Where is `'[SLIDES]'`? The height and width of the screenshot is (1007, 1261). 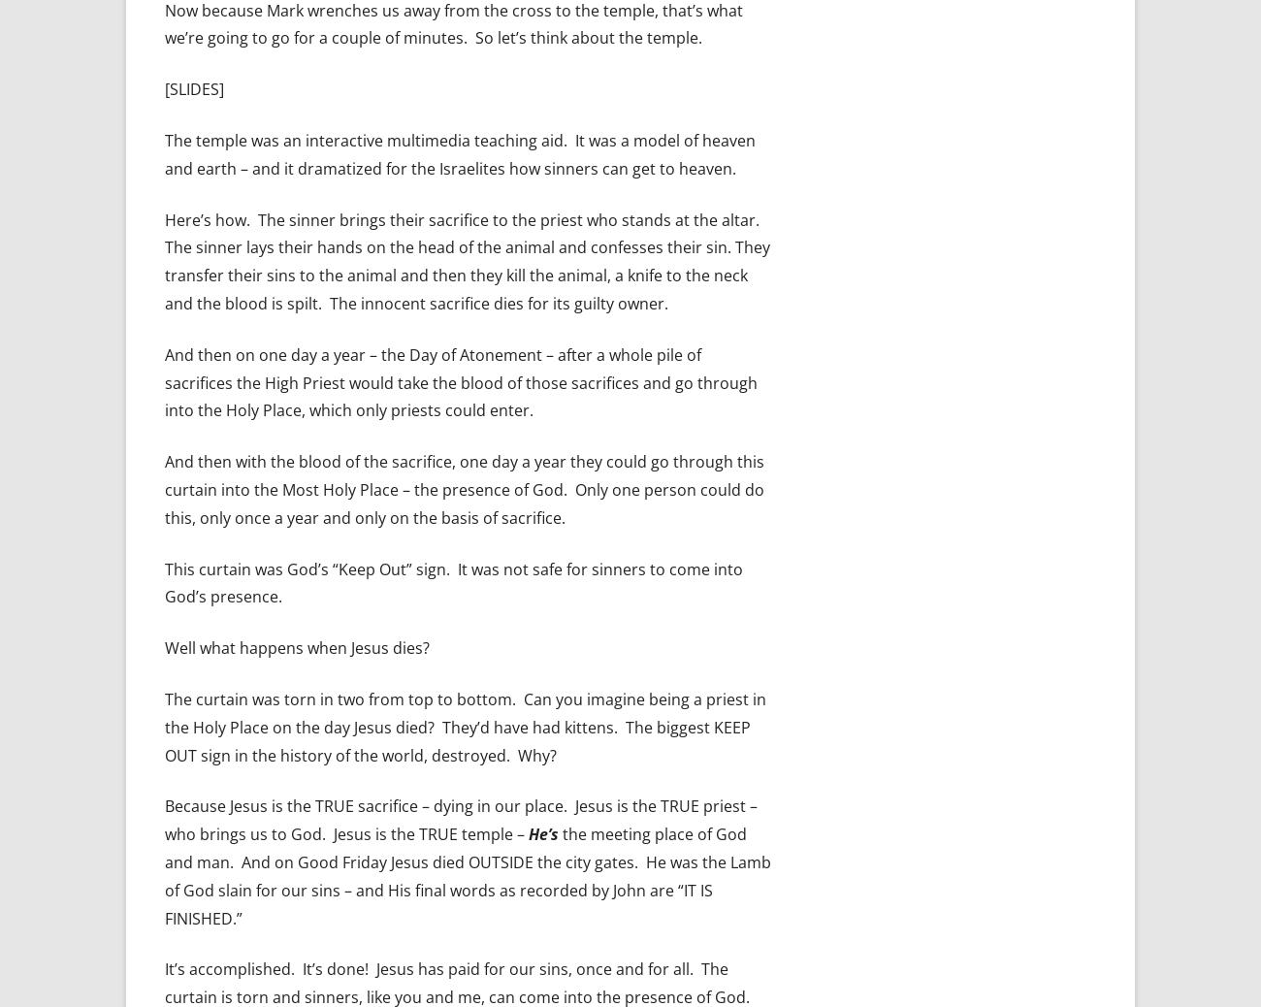 '[SLIDES]' is located at coordinates (194, 87).